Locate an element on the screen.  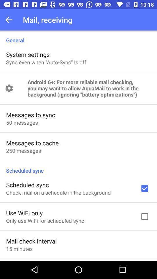
icon below the sync even when is located at coordinates (89, 88).